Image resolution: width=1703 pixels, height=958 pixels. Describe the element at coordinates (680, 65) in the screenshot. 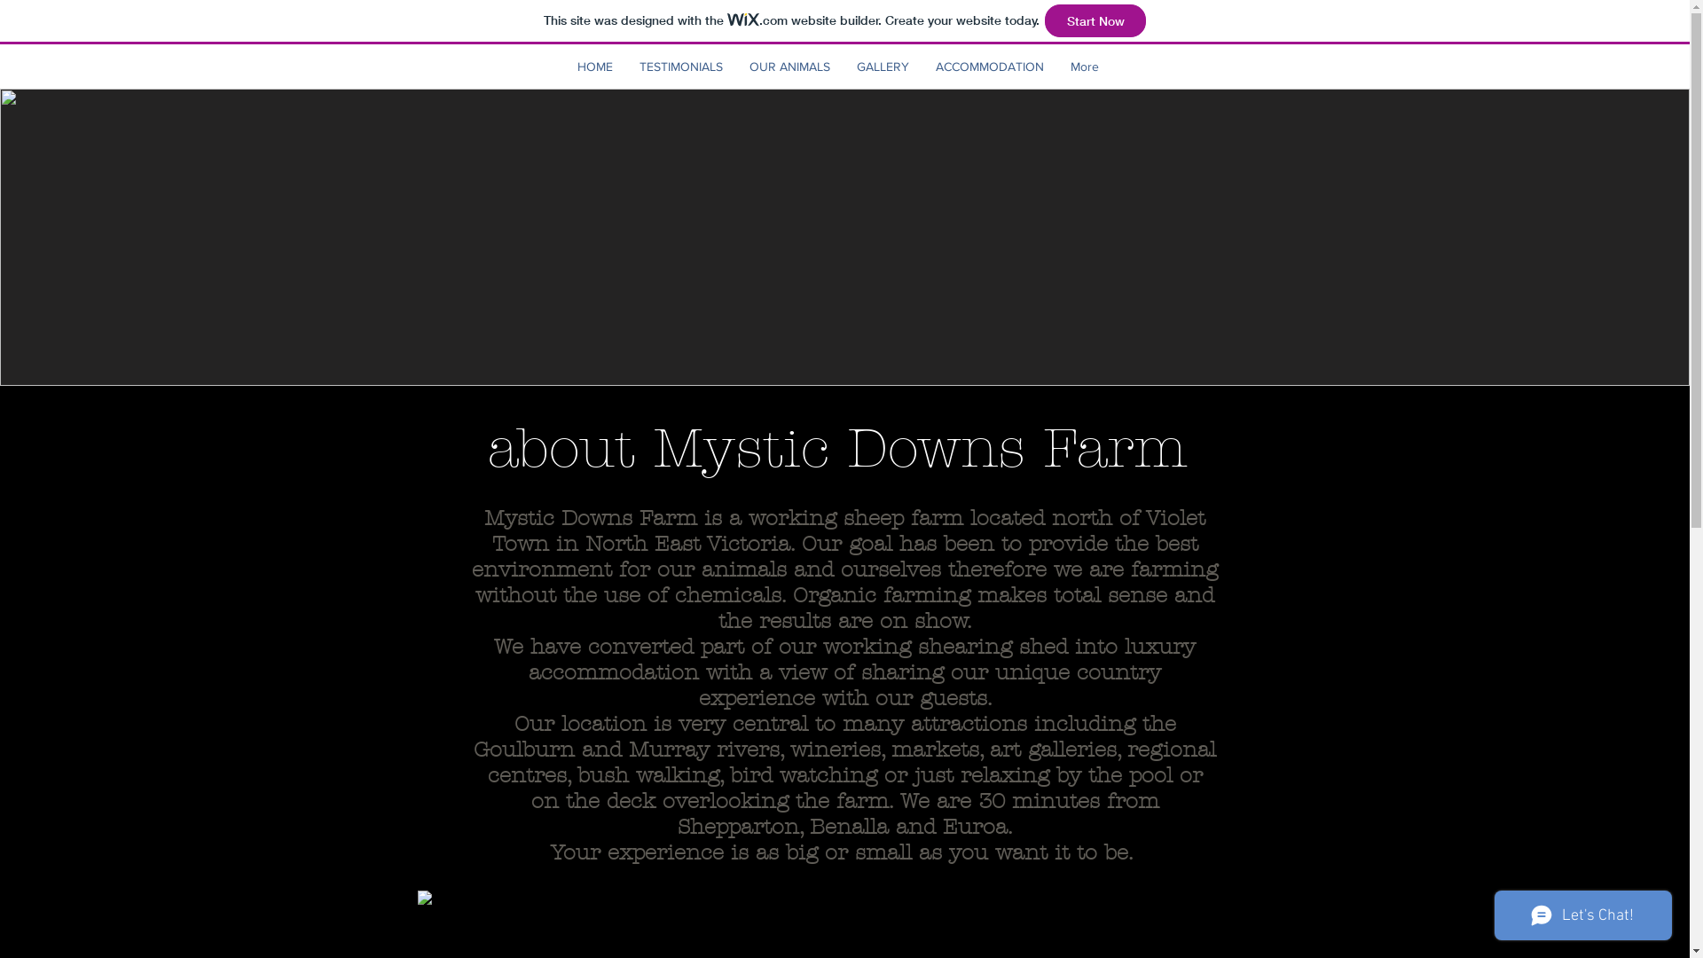

I see `'TESTIMONIALS'` at that location.